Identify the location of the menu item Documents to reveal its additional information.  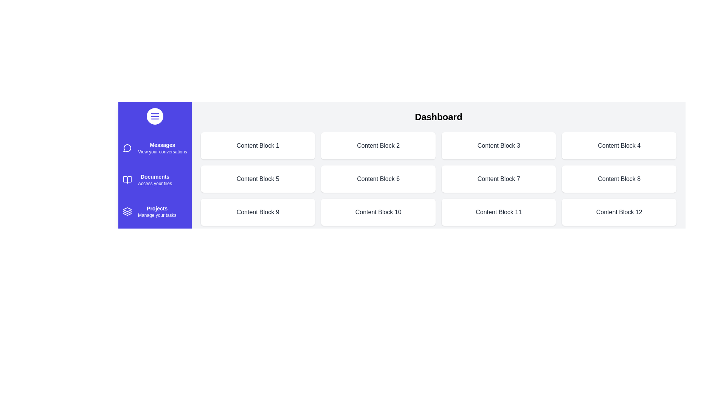
(127, 179).